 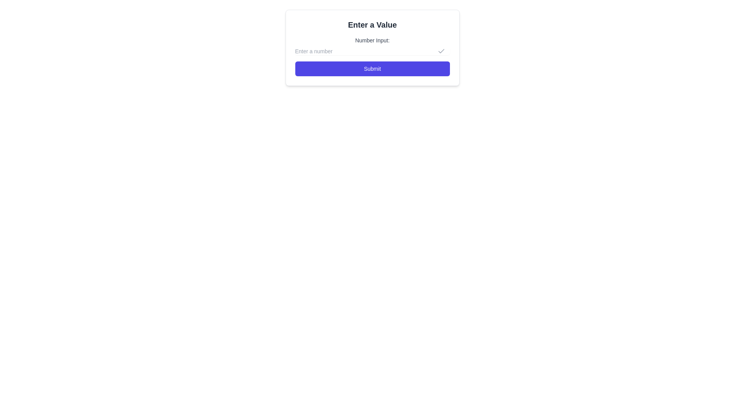 I want to click on the checkmark icon, which is an SVG graphic with a thin, gray stroke, located to the right of the 'Enter a number' input field, so click(x=441, y=51).